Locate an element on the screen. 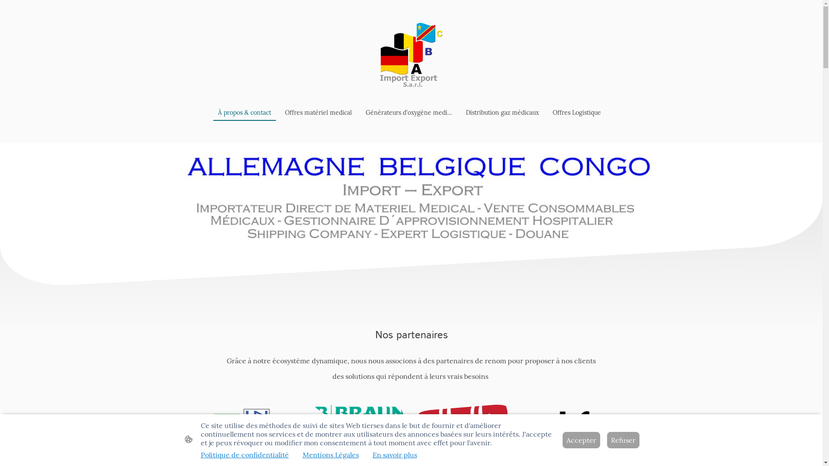  'Accepter' is located at coordinates (581, 440).